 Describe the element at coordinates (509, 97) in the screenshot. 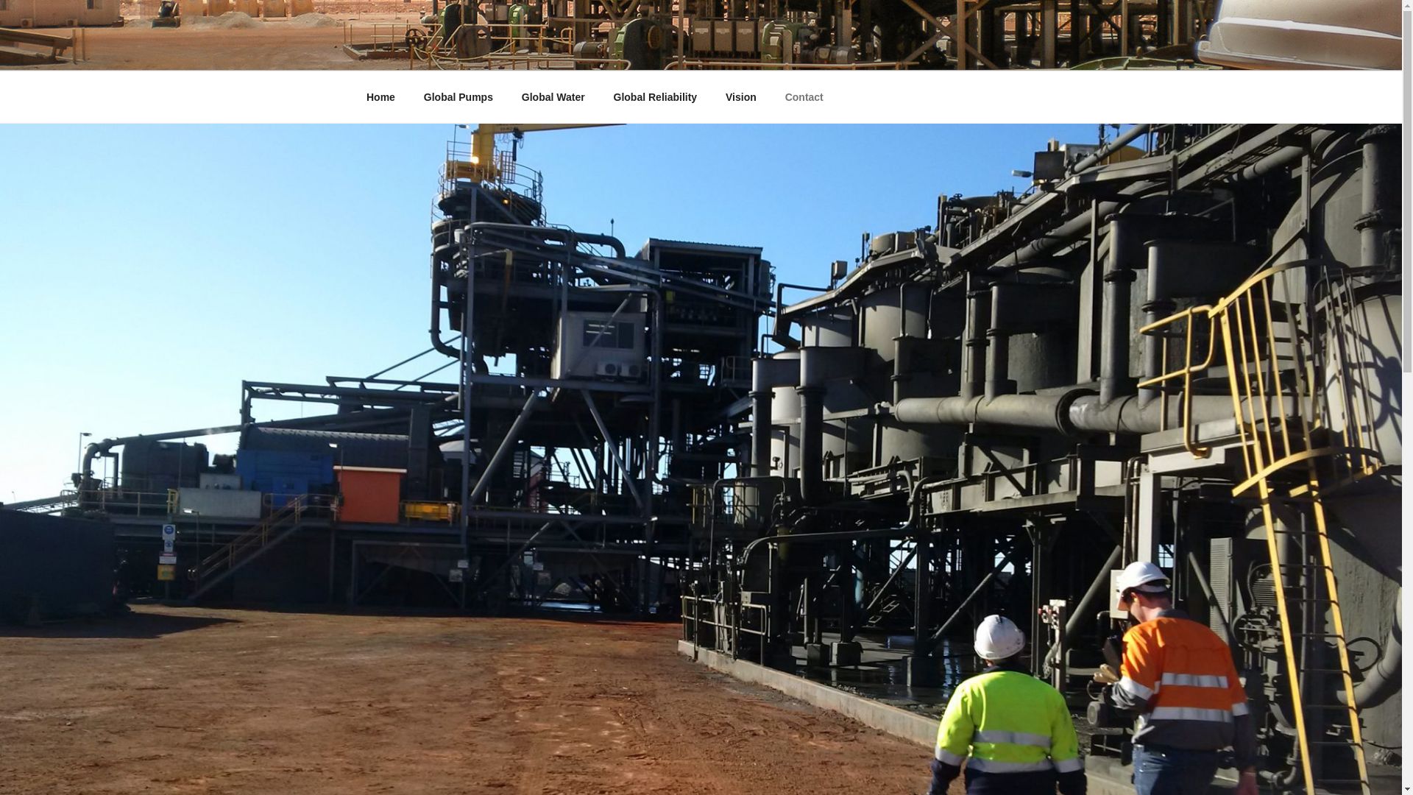

I see `'Global Water'` at that location.